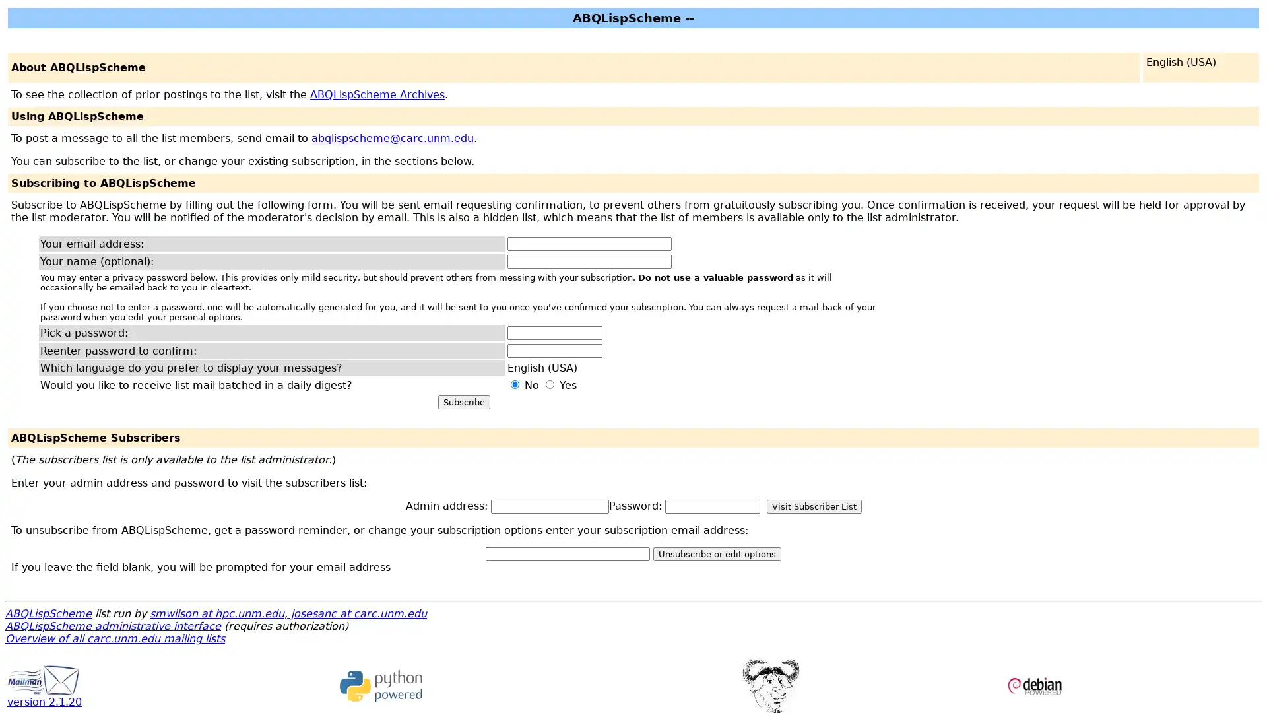 The height and width of the screenshot is (713, 1267). What do you see at coordinates (463, 401) in the screenshot?
I see `Subscribe` at bounding box center [463, 401].